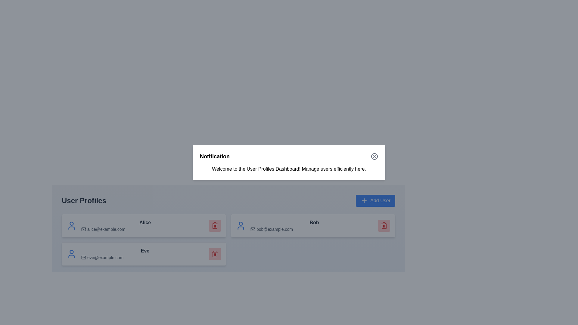 The height and width of the screenshot is (325, 578). I want to click on the mail icon, which is a gray outline of an envelope located to the left of the email address 'bob@example.com' in the rightmost user profile card, so click(253, 229).